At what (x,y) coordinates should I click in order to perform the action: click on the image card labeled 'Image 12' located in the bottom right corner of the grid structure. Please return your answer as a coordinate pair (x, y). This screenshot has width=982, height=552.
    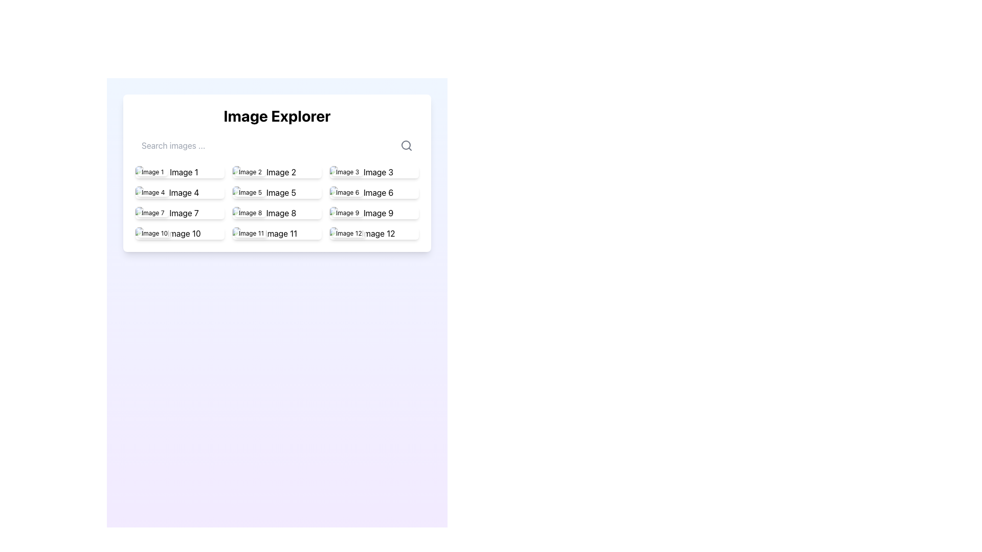
    Looking at the image, I should click on (373, 233).